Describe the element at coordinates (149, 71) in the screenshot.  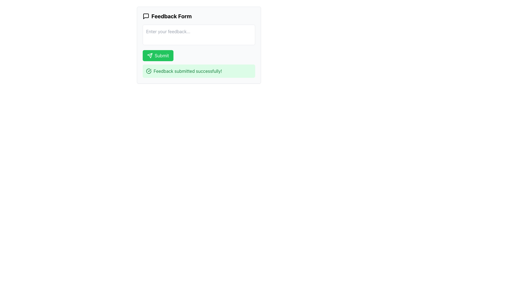
I see `the circular graphic surrounding the check mark within the SVG that indicates the completion of an action, reinforcing the 'Feedback submitted successfully!' message` at that location.